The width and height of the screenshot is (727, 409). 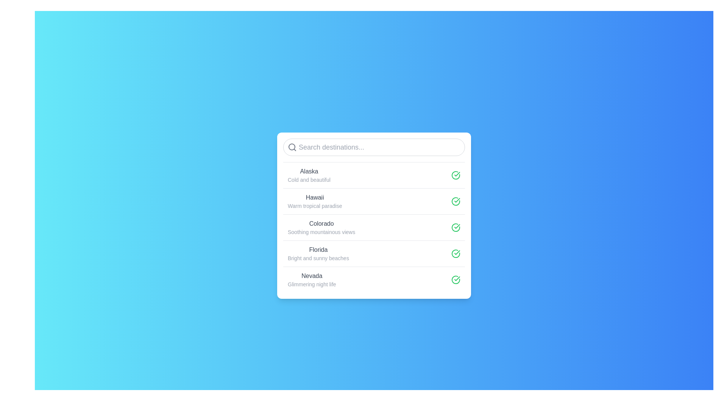 I want to click on the checkmark icon indicating the approval of 'Florida' in the list of items, so click(x=457, y=278).